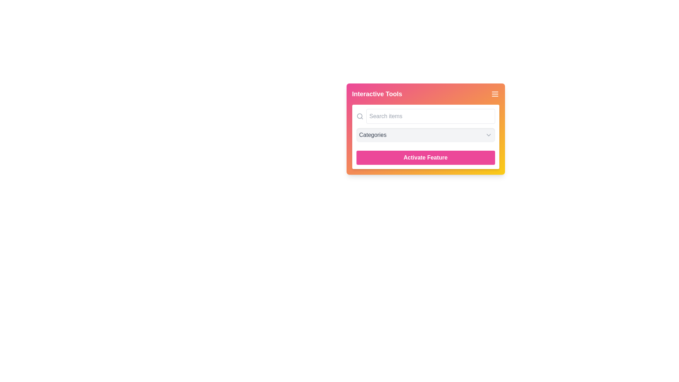 The height and width of the screenshot is (382, 679). Describe the element at coordinates (488, 135) in the screenshot. I see `the Dropdown Indicator Icon located to the right of the 'Categories' label` at that location.